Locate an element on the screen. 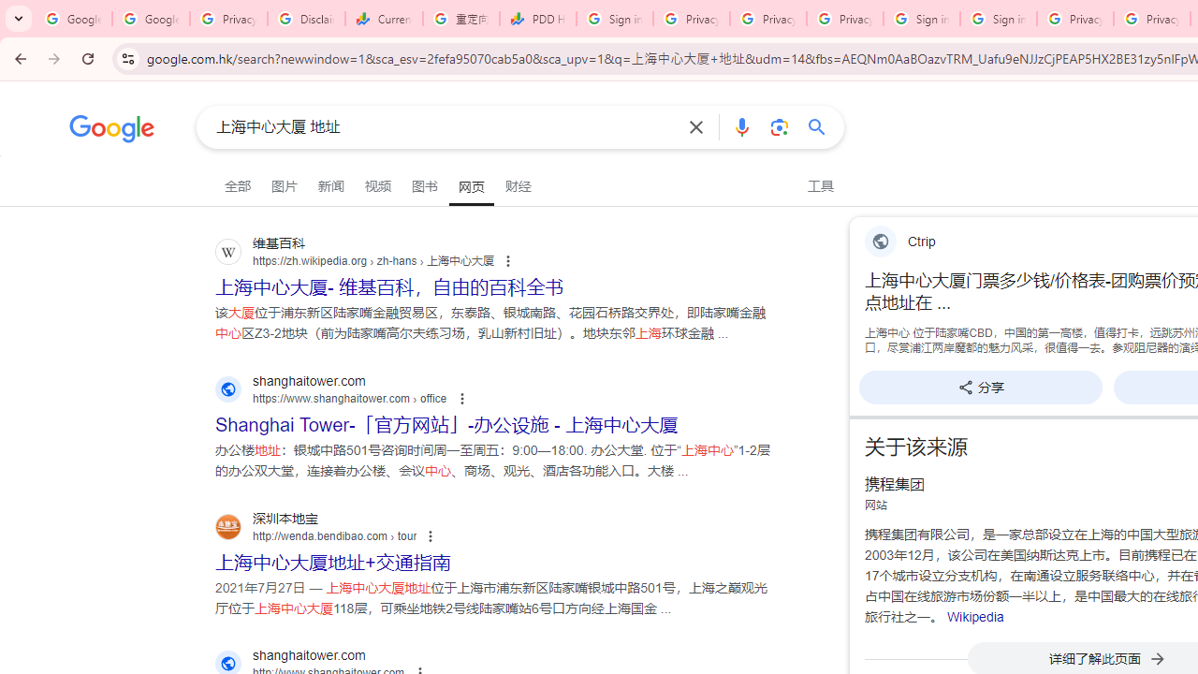 The image size is (1198, 674). 'Sign in - Google Accounts' is located at coordinates (998, 19).